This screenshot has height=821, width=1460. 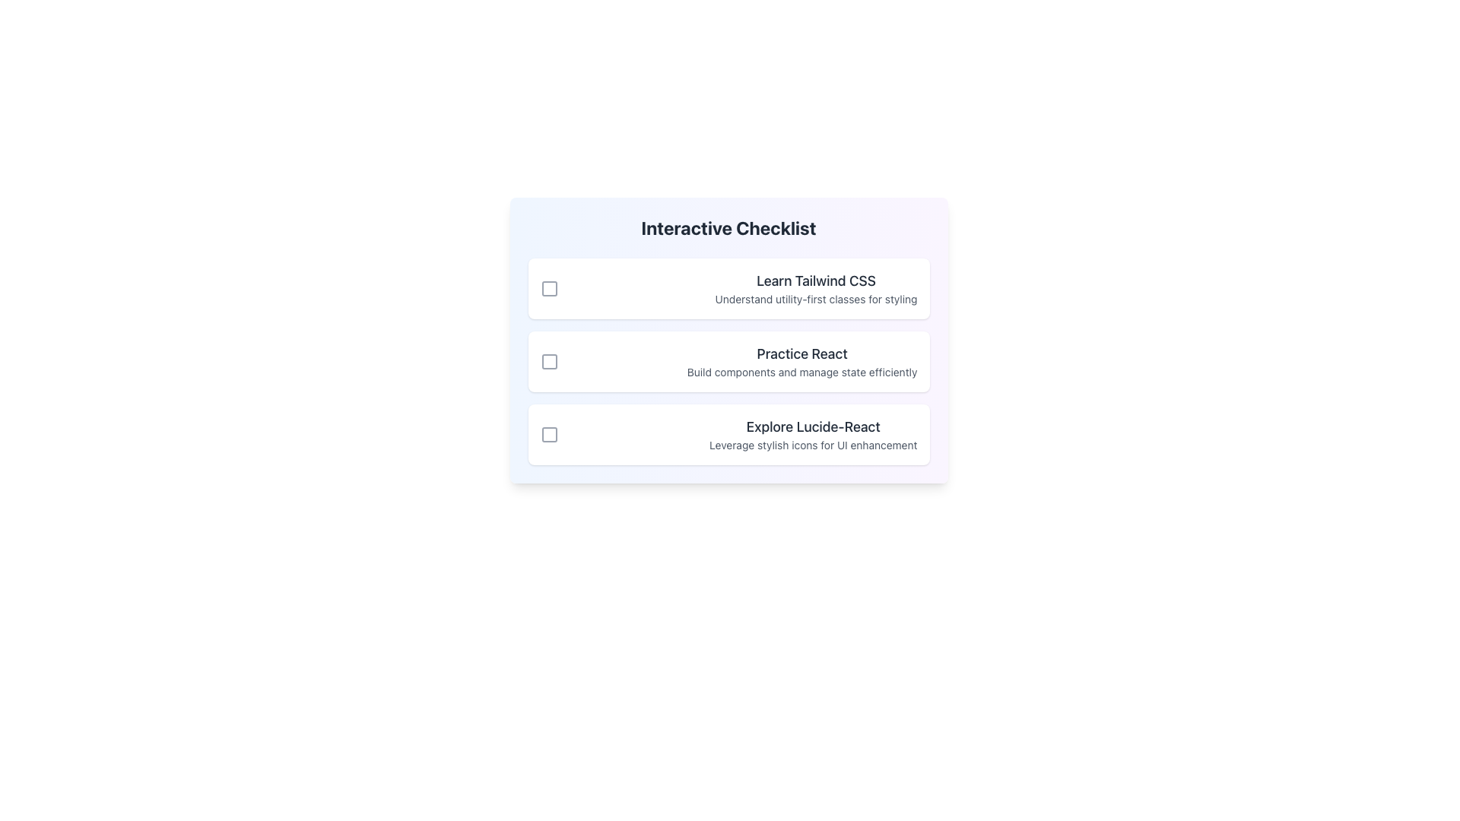 I want to click on the checkbox with rounded corners located to the left of the text 'Learn Tailwind CSS', so click(x=548, y=289).